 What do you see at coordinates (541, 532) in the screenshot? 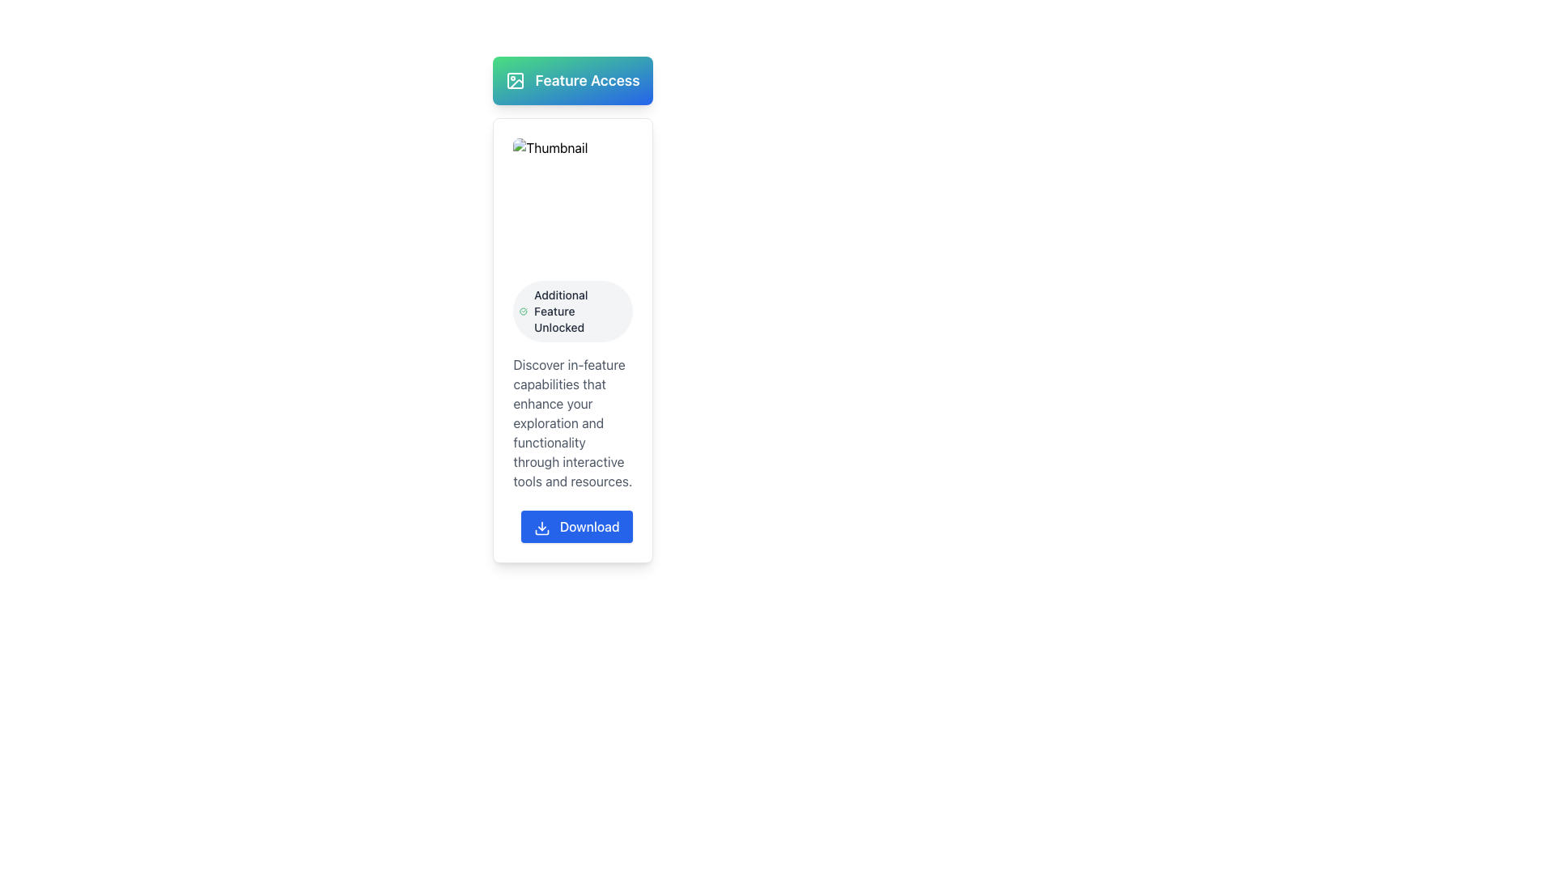
I see `the lower arc component of the download icon within the blue button near the bottom of the card interface` at bounding box center [541, 532].